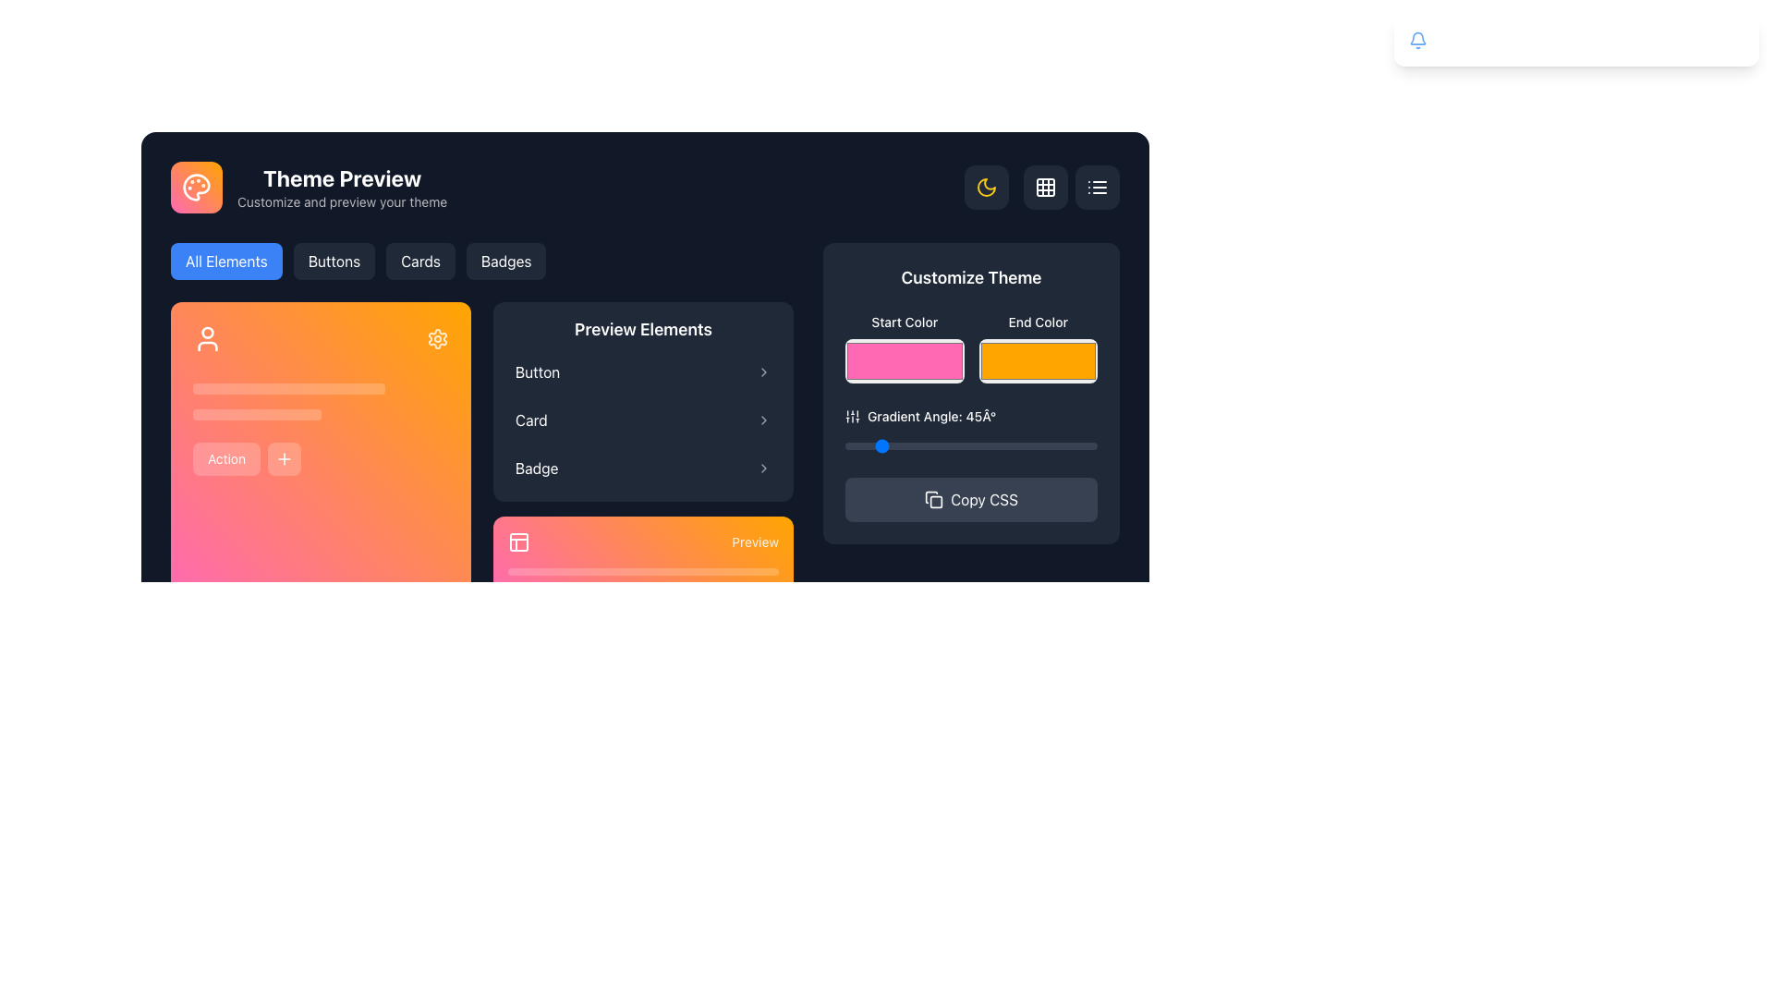 The height and width of the screenshot is (998, 1774). What do you see at coordinates (225, 261) in the screenshot?
I see `the 'All Elements' button, which is a rectangular button with white text on a blue background, located directly beneath the 'Theme Preview' header` at bounding box center [225, 261].